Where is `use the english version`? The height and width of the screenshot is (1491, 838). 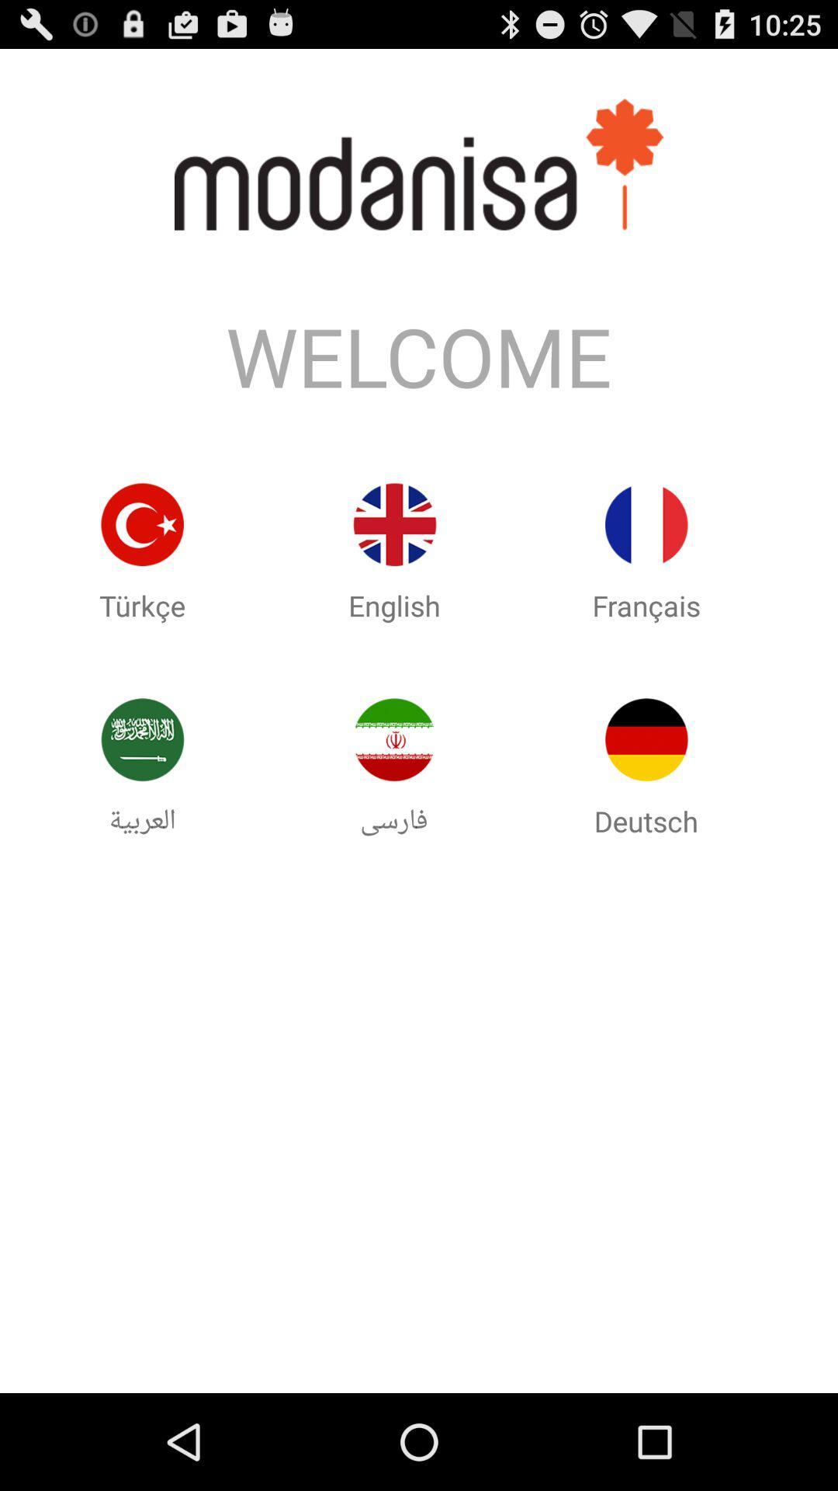 use the english version is located at coordinates (393, 524).